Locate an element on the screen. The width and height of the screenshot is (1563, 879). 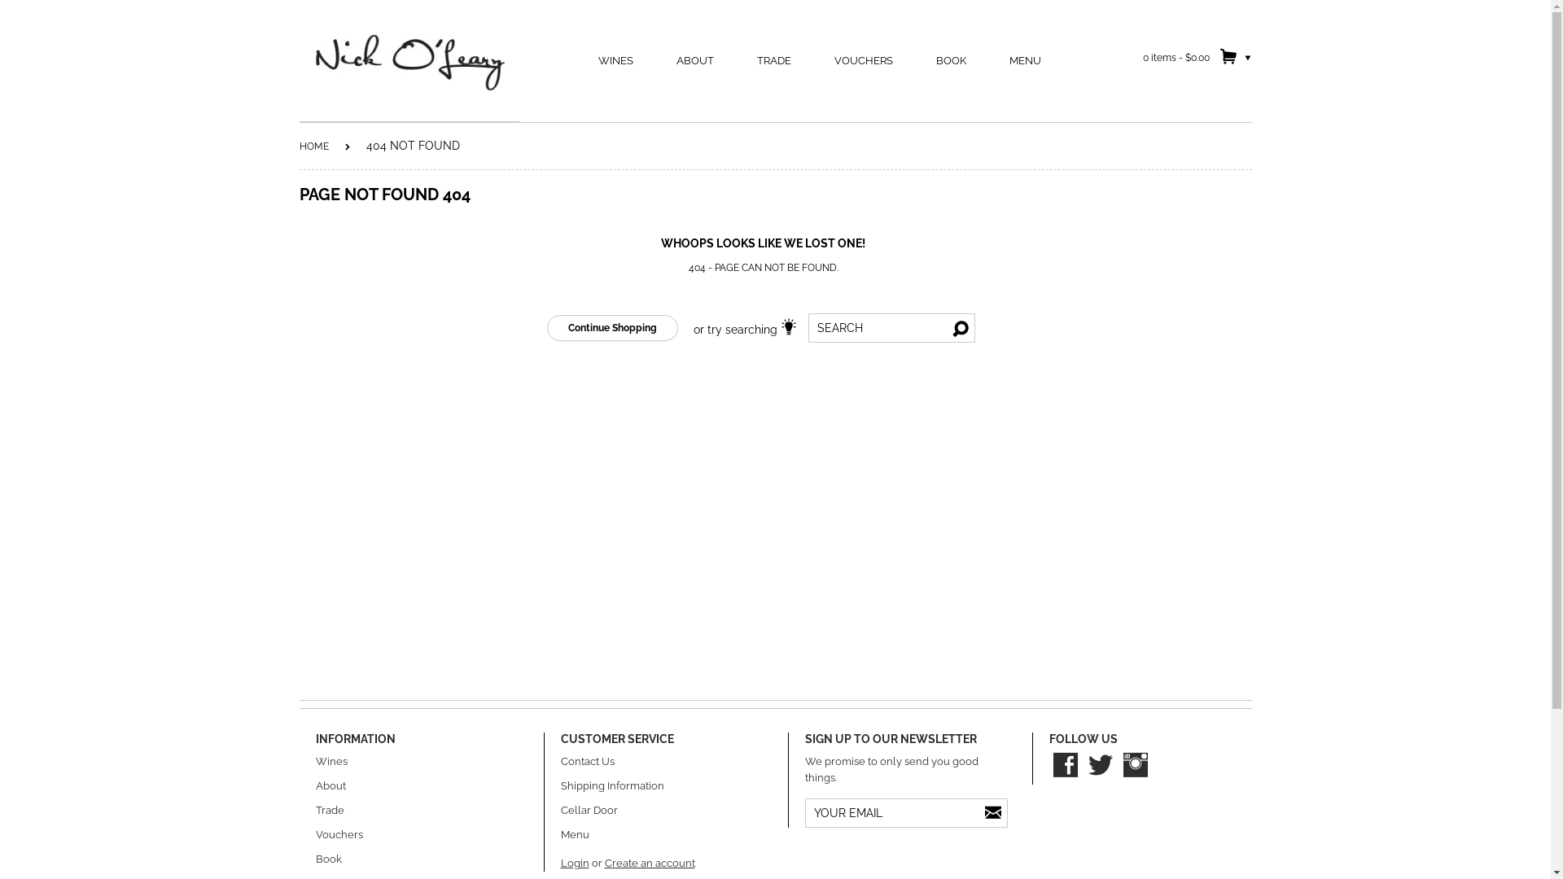
'Contact Us' is located at coordinates (559, 761).